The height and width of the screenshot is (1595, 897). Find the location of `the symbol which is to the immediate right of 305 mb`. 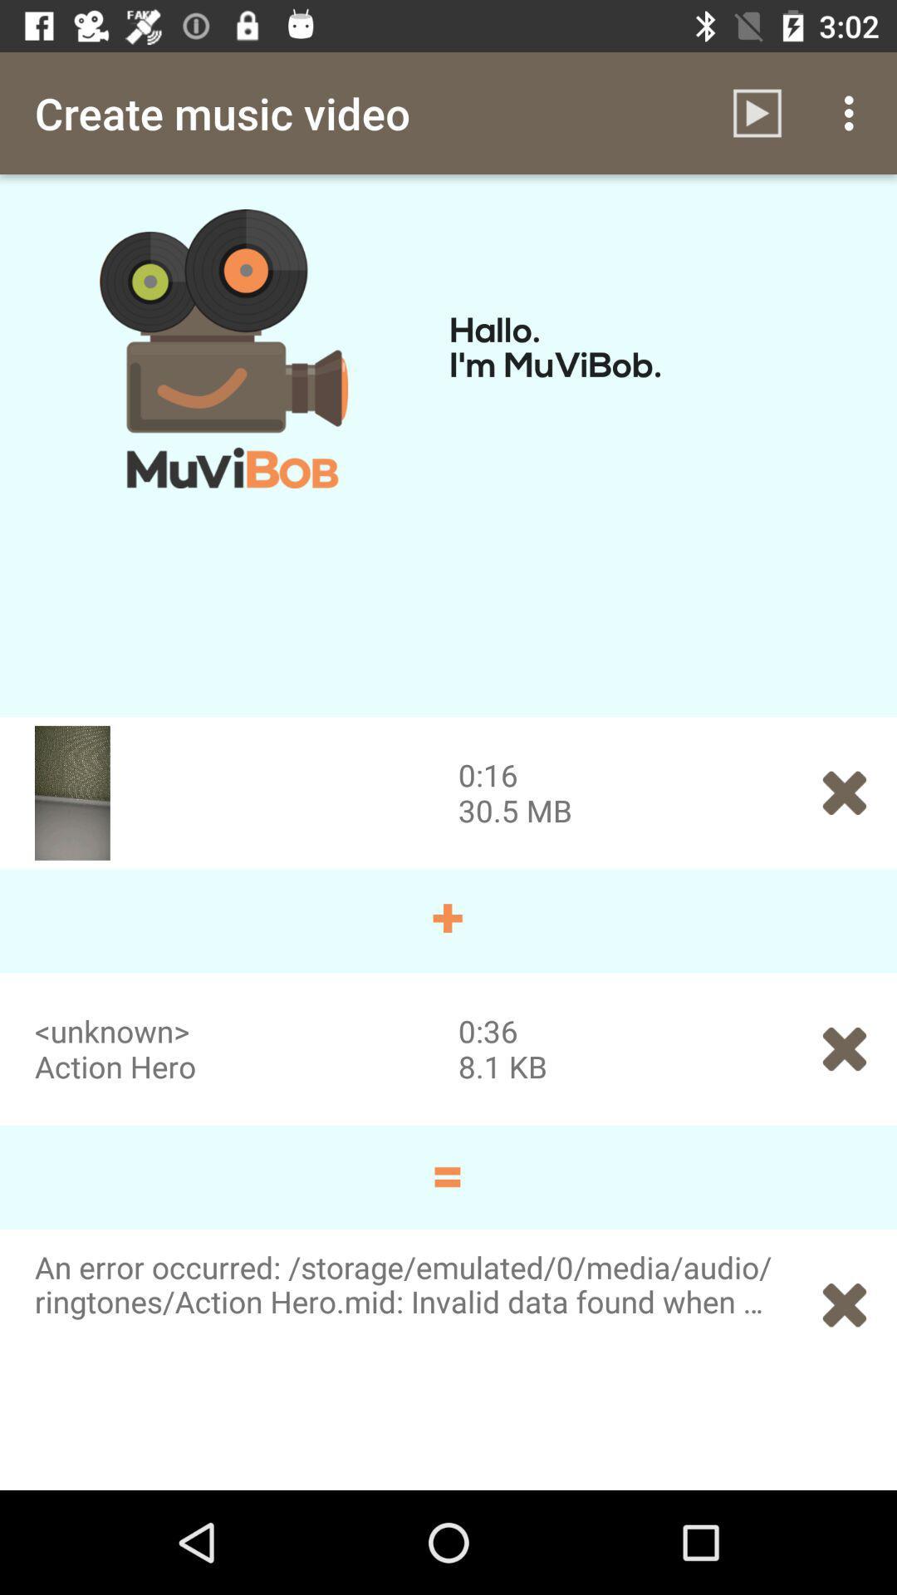

the symbol which is to the immediate right of 305 mb is located at coordinates (845, 792).